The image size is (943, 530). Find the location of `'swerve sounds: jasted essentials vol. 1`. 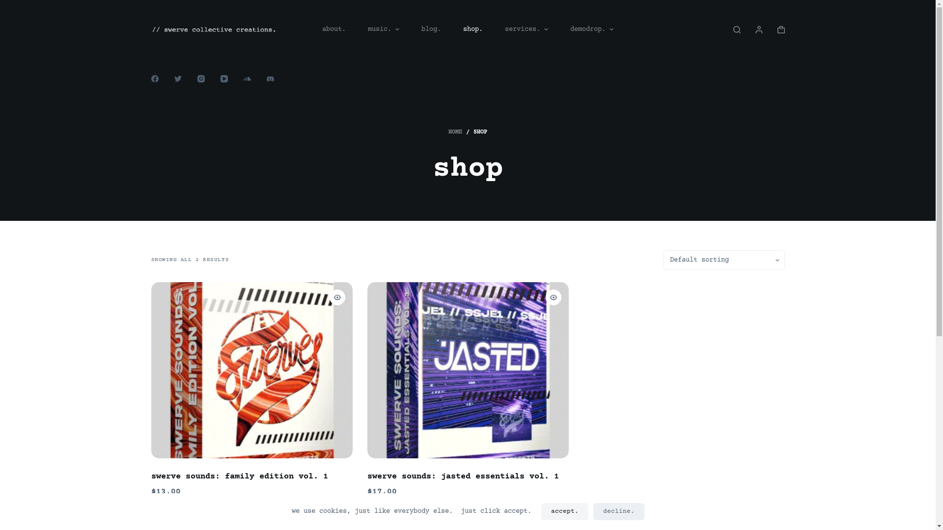

'swerve sounds: jasted essentials vol. 1 is located at coordinates (468, 390).